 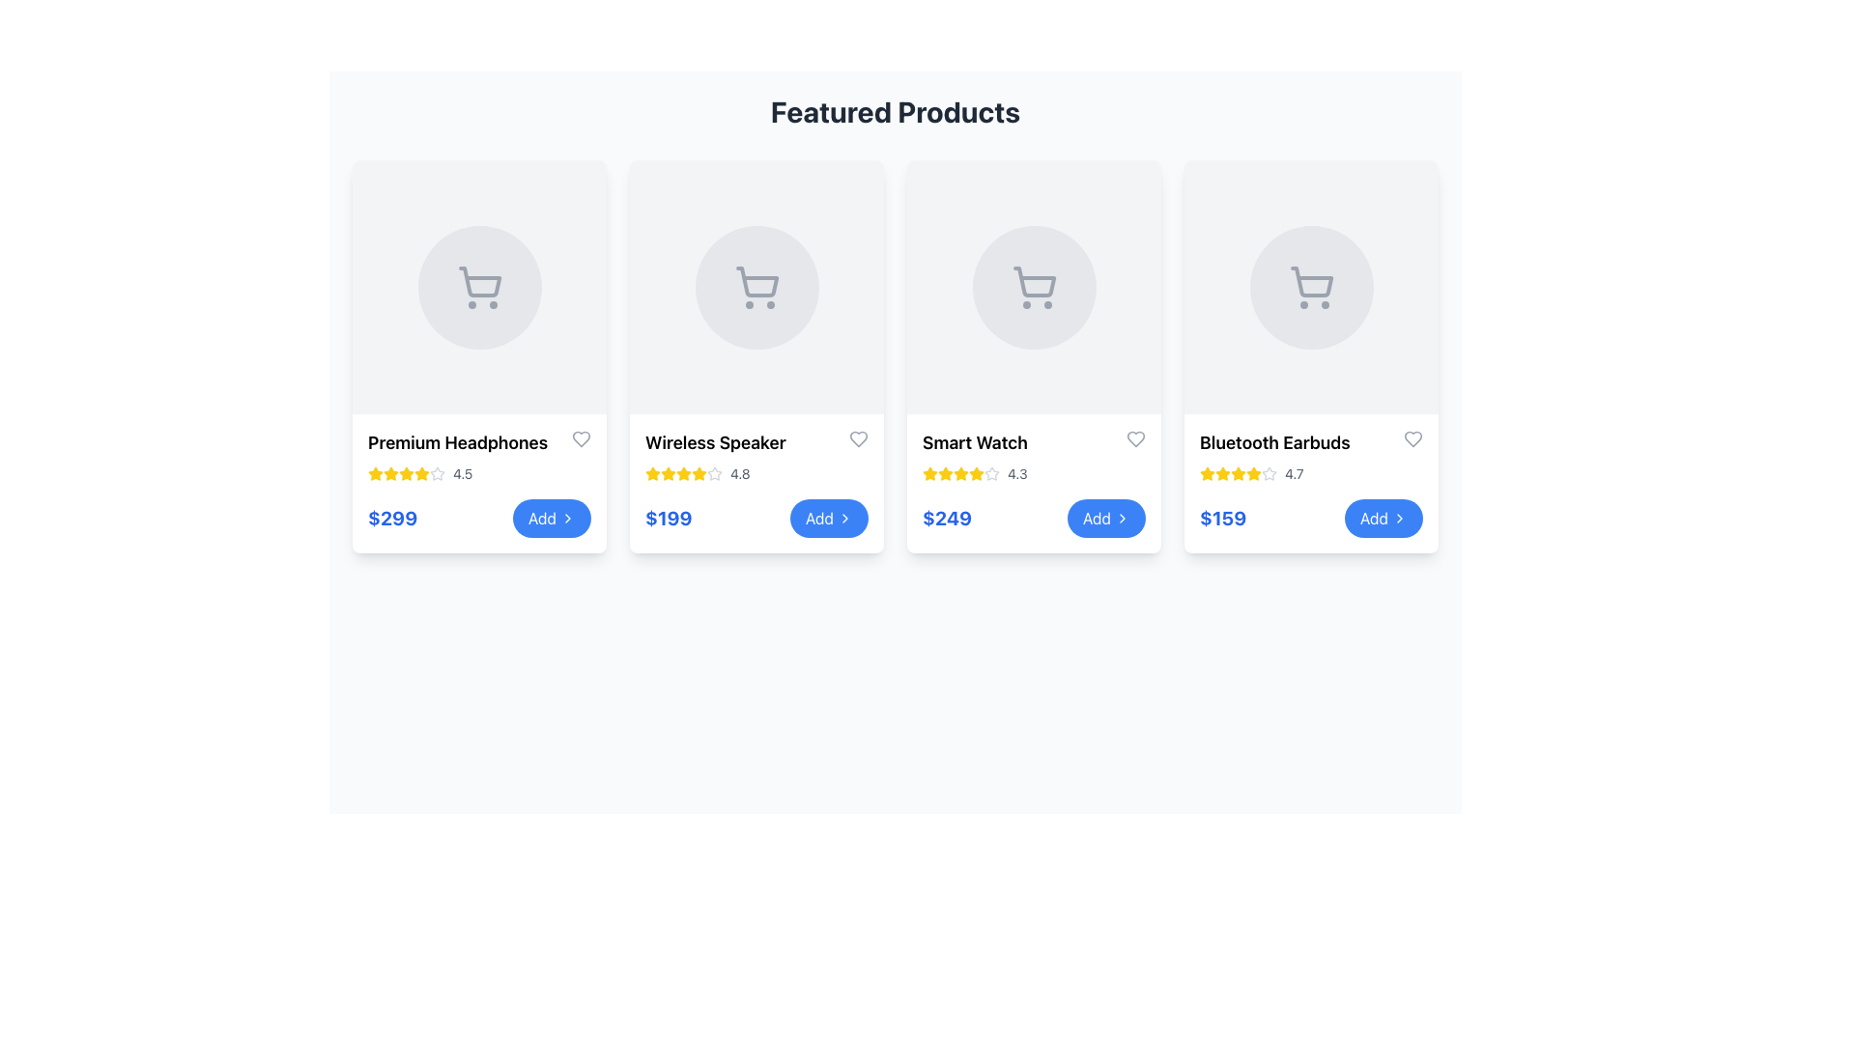 I want to click on the right-pointing arrow icon within the blue 'Add' button next to the product price for 'Bluetooth Earbuds' to initiate the associated command, so click(x=1400, y=517).